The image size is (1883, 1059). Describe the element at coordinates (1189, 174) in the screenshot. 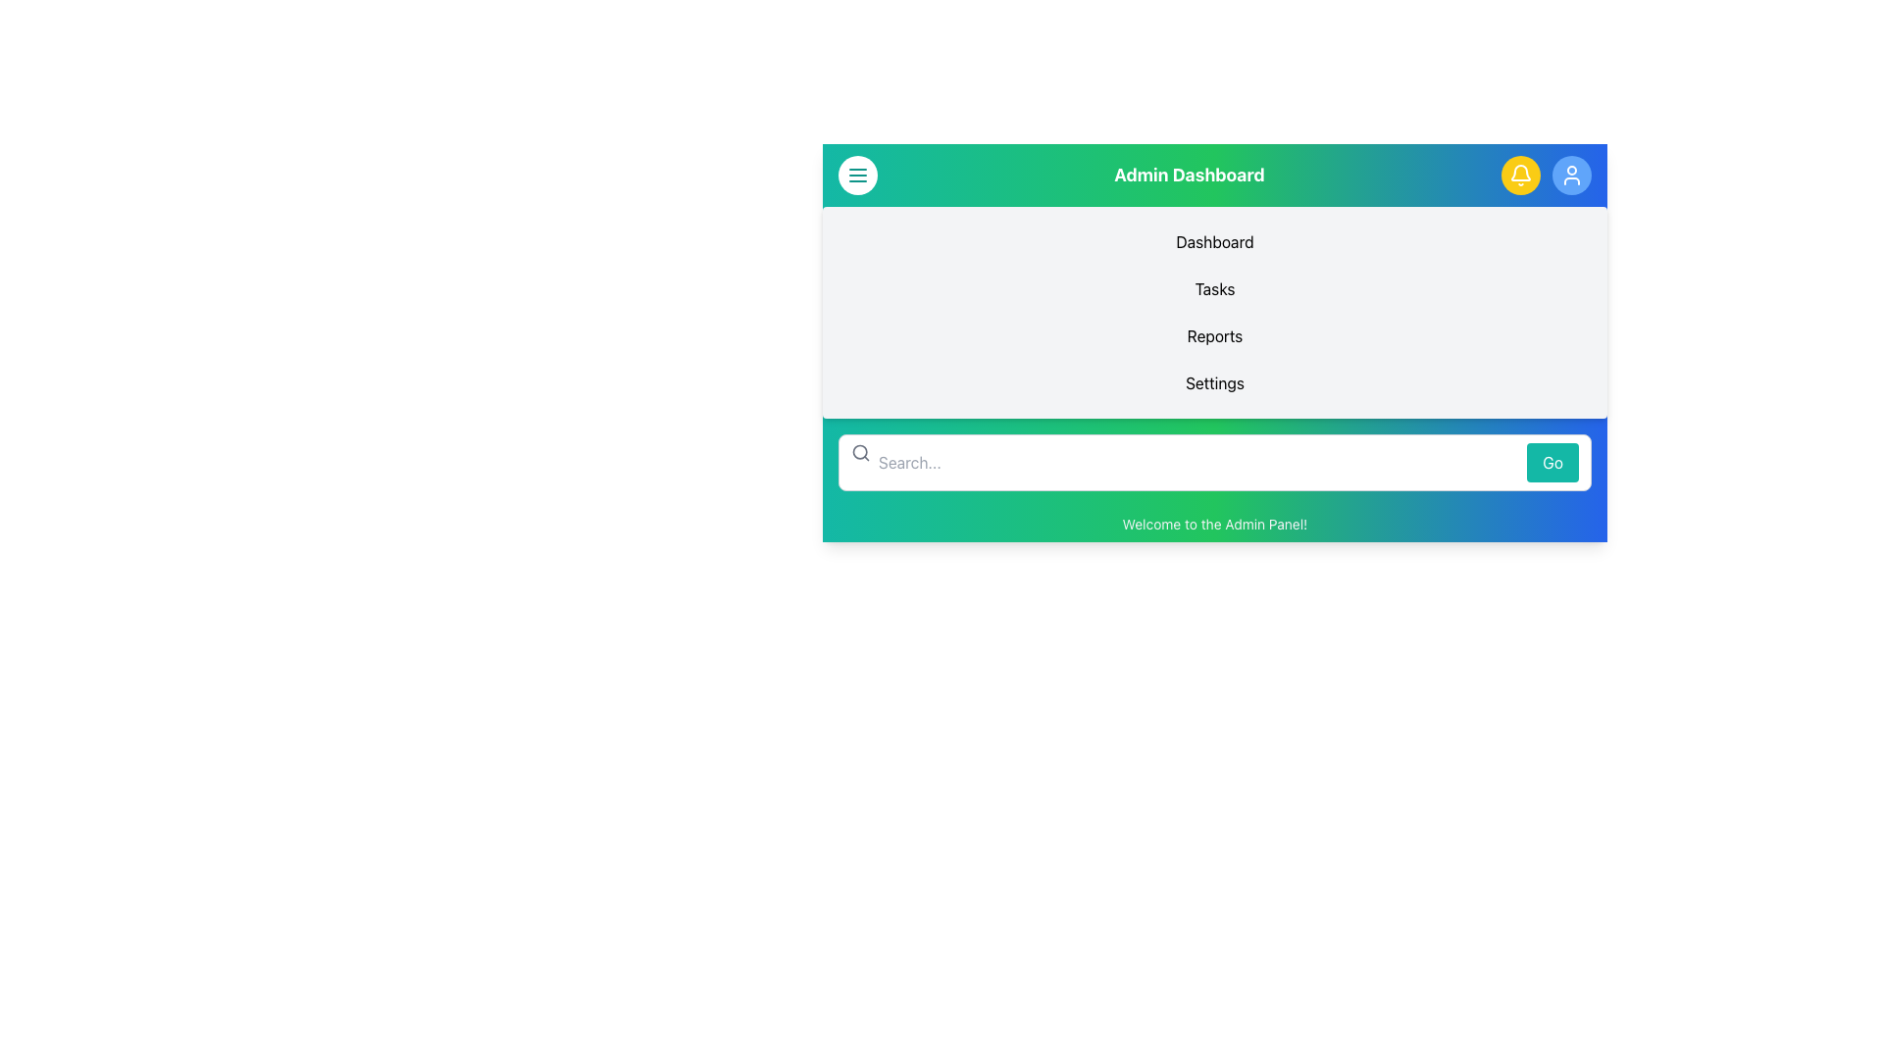

I see `the text label displaying 'Admin Dashboard' in bold, located in the center of the header section with a green to blue gradient background` at that location.